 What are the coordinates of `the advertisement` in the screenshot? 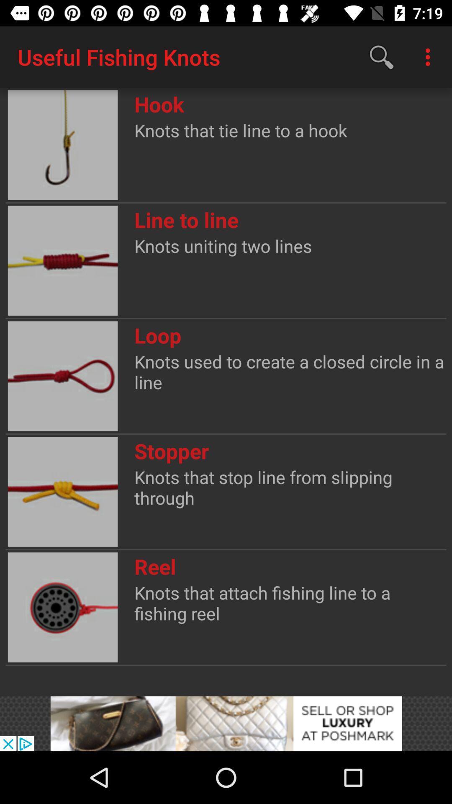 It's located at (226, 723).